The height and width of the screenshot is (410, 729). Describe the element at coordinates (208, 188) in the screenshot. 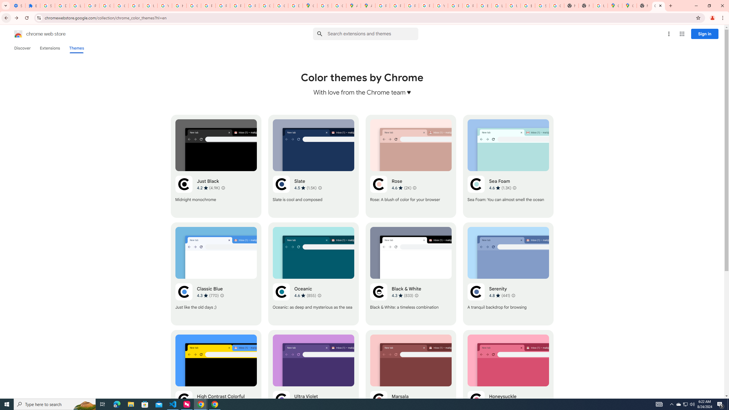

I see `'Average rating 4.2 out of 5 stars. 4.9K ratings.'` at that location.